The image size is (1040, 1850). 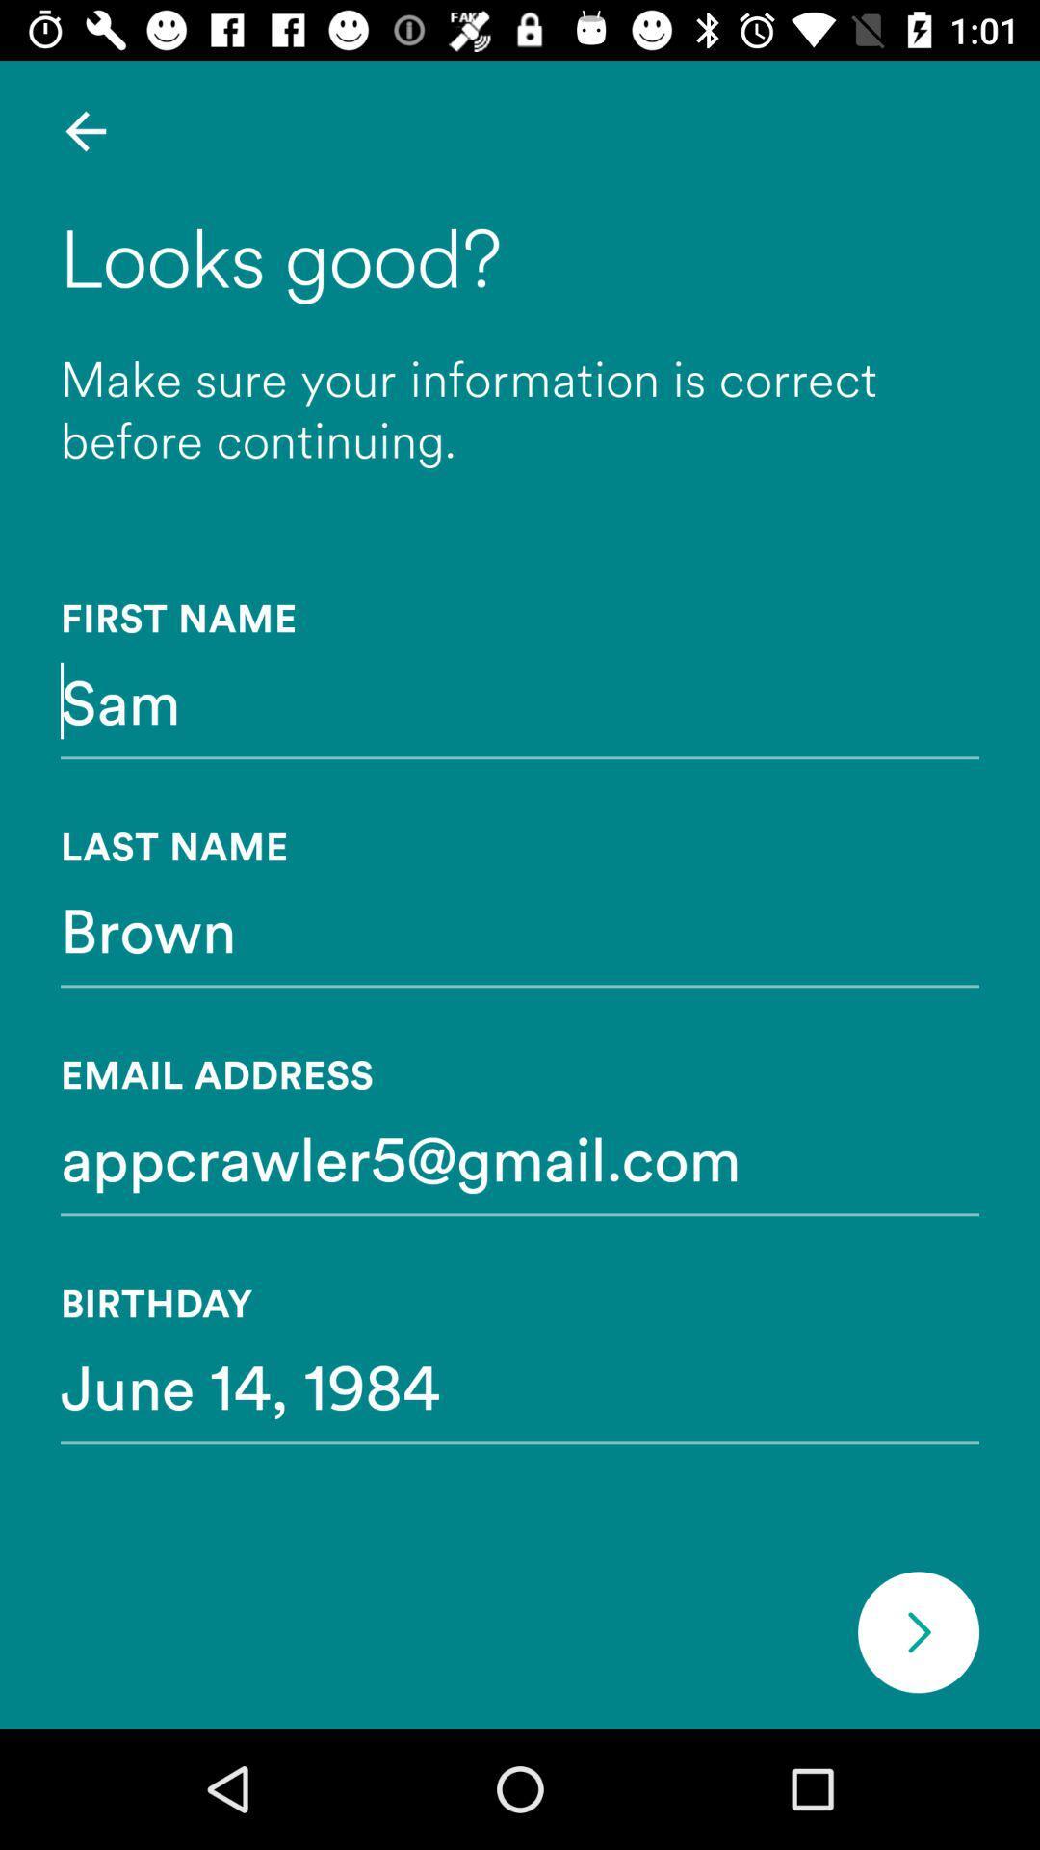 I want to click on next section, so click(x=917, y=1631).